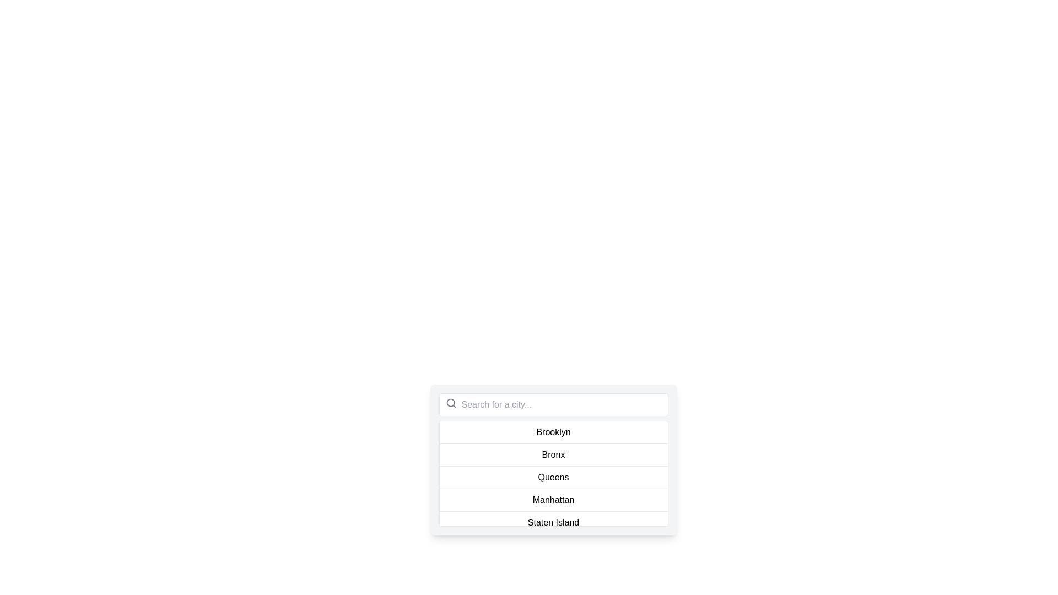  What do you see at coordinates (553, 473) in the screenshot?
I see `the third item 'Queens' in the dropdown menu` at bounding box center [553, 473].